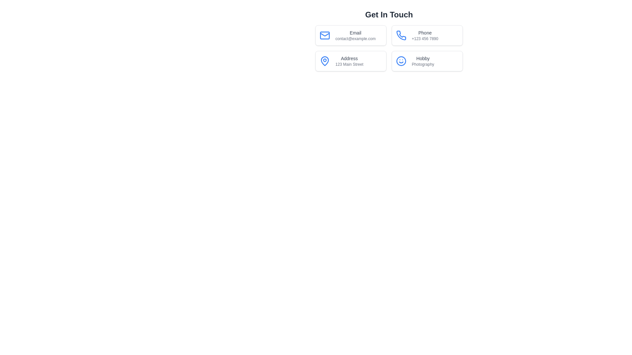 The image size is (632, 355). What do you see at coordinates (427, 35) in the screenshot?
I see `the phone number text '+123 456 7890' inside the phone information card, which is the second card in a 2x2 grid layout located in the top right of the grid` at bounding box center [427, 35].